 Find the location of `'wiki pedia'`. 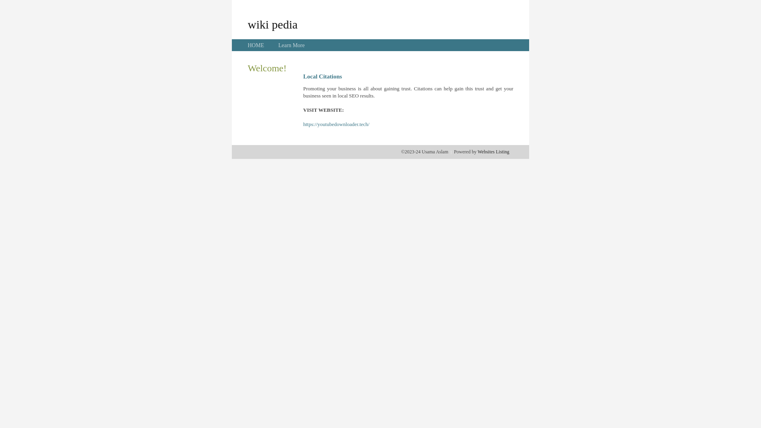

'wiki pedia' is located at coordinates (272, 24).